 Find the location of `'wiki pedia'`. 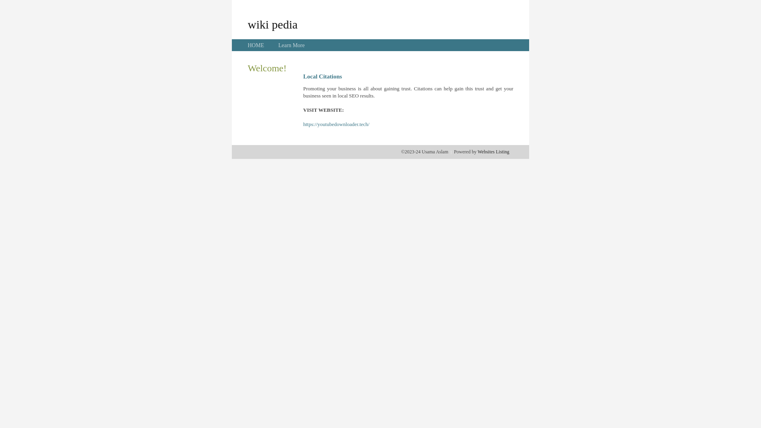

'wiki pedia' is located at coordinates (272, 24).